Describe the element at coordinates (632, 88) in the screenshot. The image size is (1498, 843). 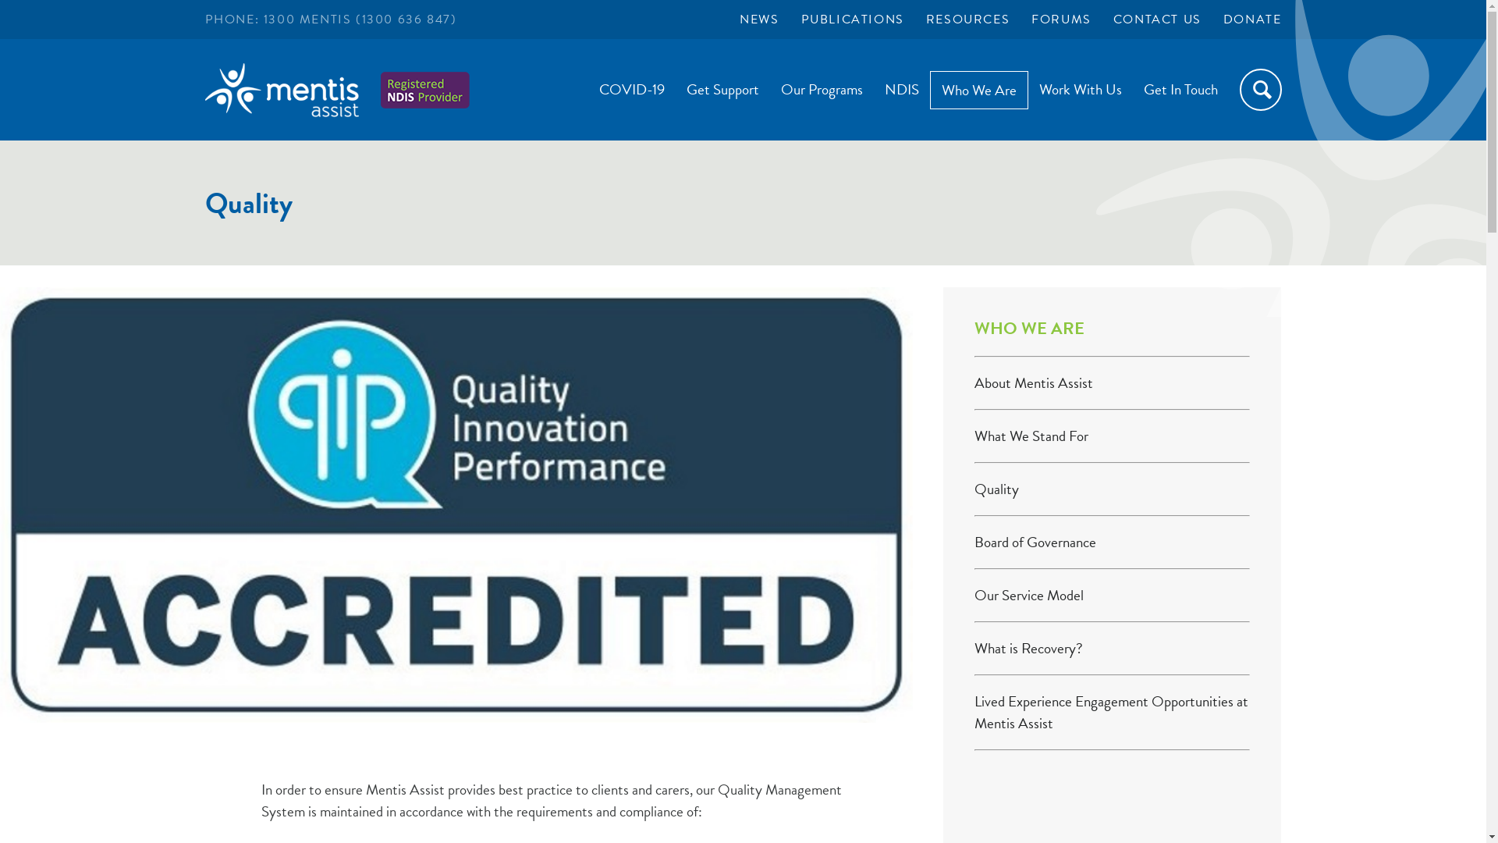
I see `'COVID-19'` at that location.